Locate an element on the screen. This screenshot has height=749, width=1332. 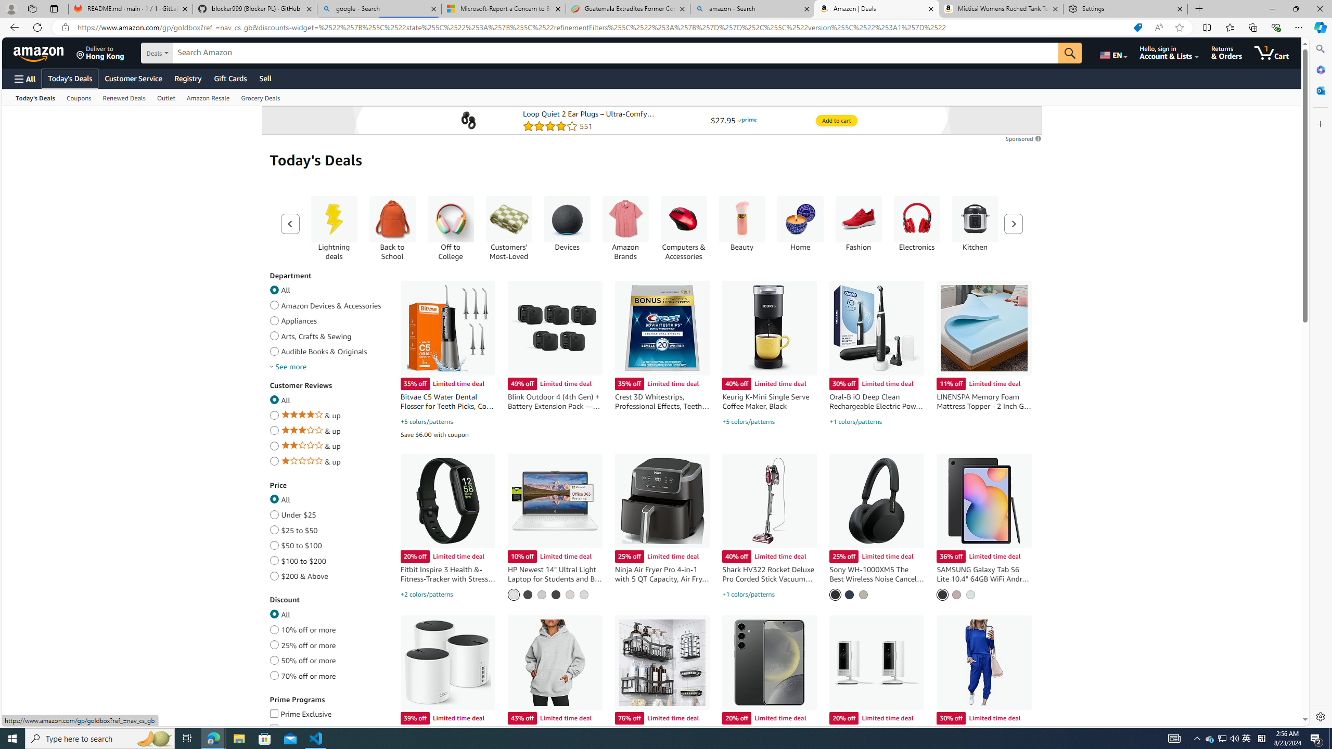
'Microsoft-Report a Concern to Bing' is located at coordinates (503, 8).